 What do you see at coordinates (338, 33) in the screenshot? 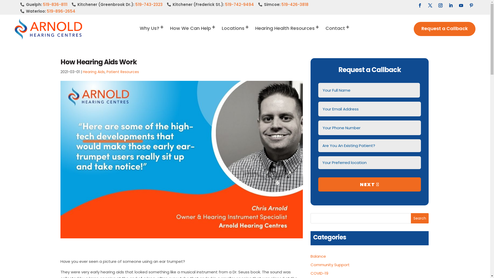
I see `'Contact'` at bounding box center [338, 33].